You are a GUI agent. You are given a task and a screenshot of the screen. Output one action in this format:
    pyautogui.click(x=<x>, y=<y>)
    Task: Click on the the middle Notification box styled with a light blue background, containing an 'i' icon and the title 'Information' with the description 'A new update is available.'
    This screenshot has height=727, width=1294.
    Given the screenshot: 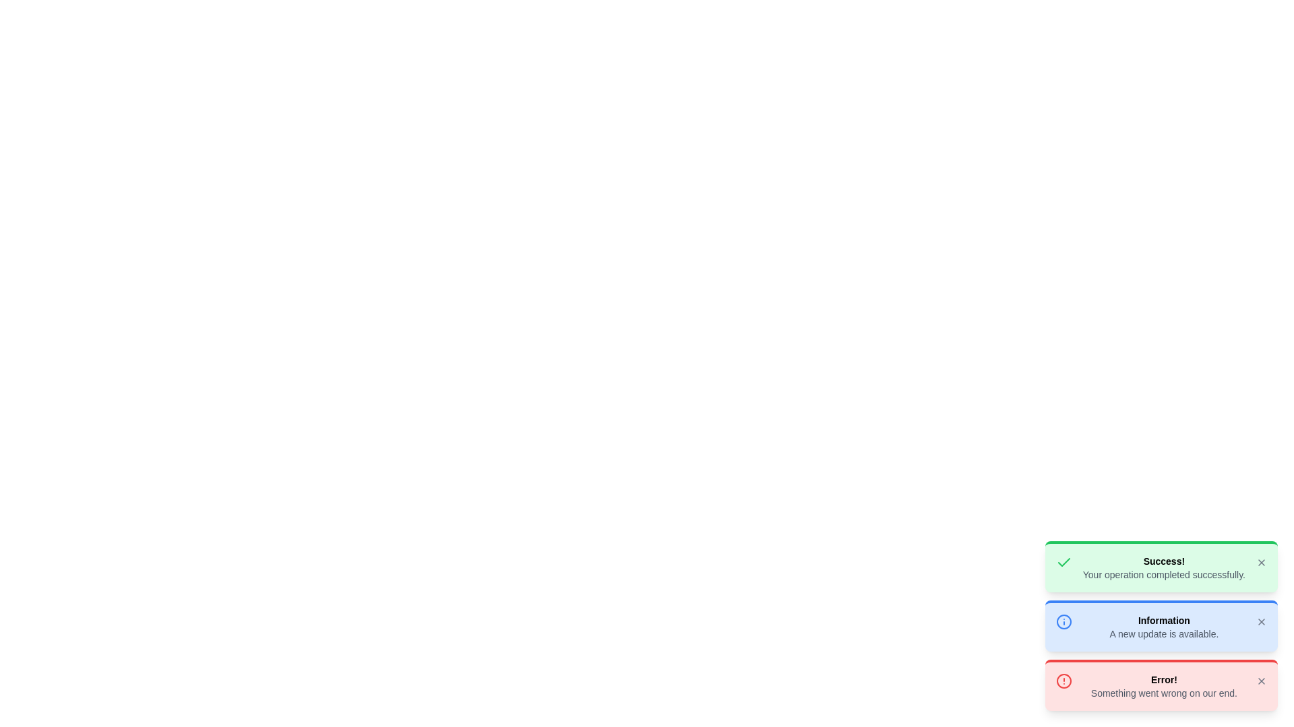 What is the action you would take?
    pyautogui.click(x=1161, y=625)
    